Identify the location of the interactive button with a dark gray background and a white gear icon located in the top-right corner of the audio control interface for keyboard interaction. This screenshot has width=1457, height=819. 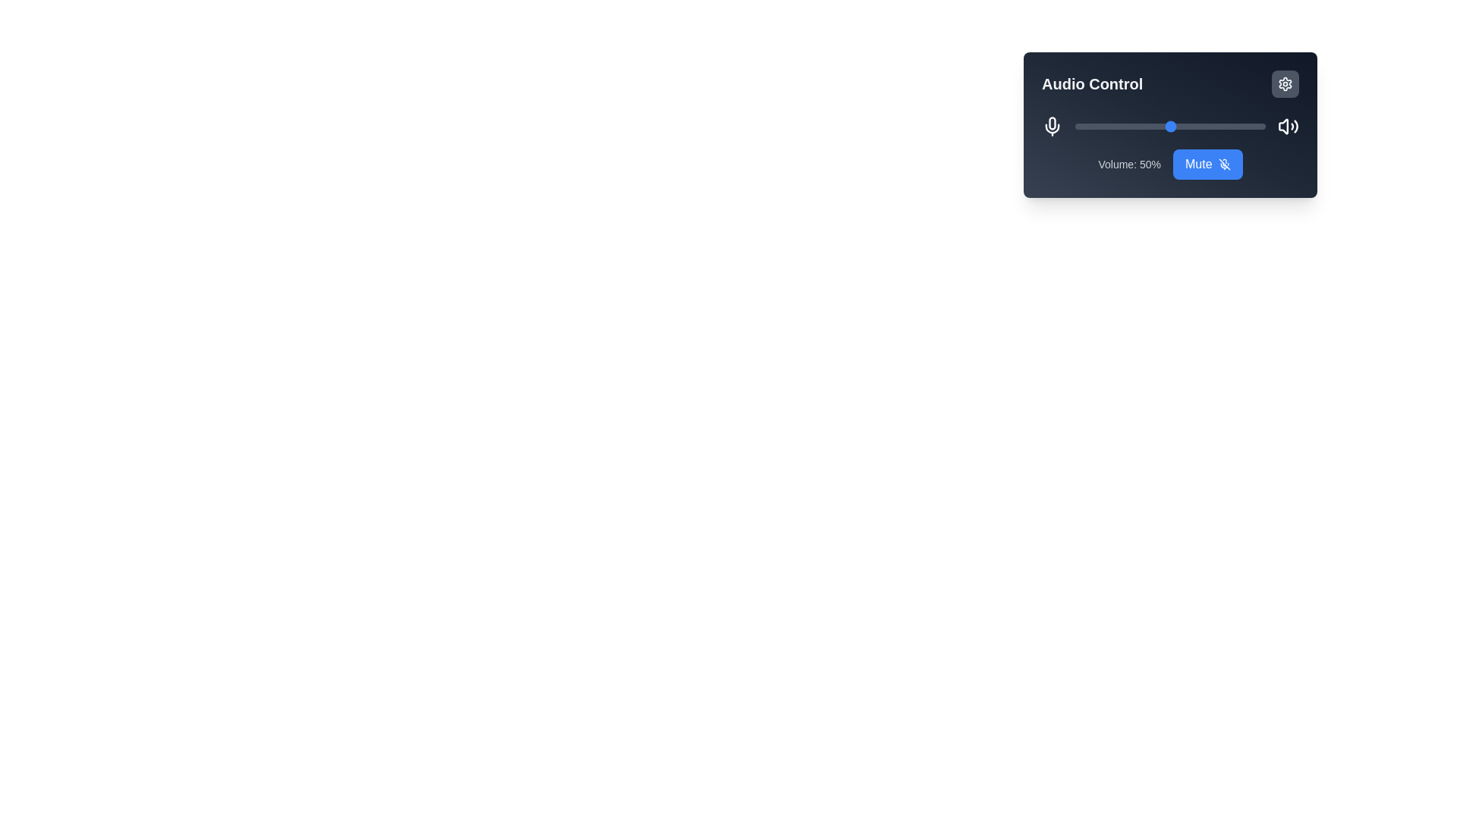
(1285, 84).